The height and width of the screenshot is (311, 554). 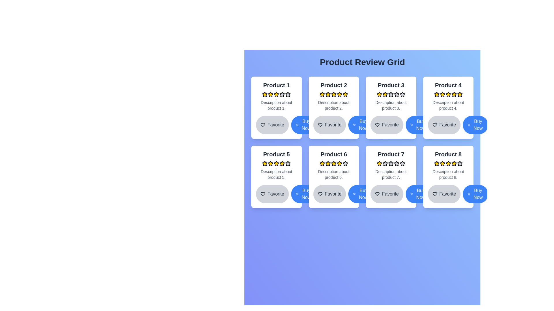 I want to click on the third yellow star icon with a black outline in the rating row of the second product card to interact with the rating system, so click(x=328, y=94).